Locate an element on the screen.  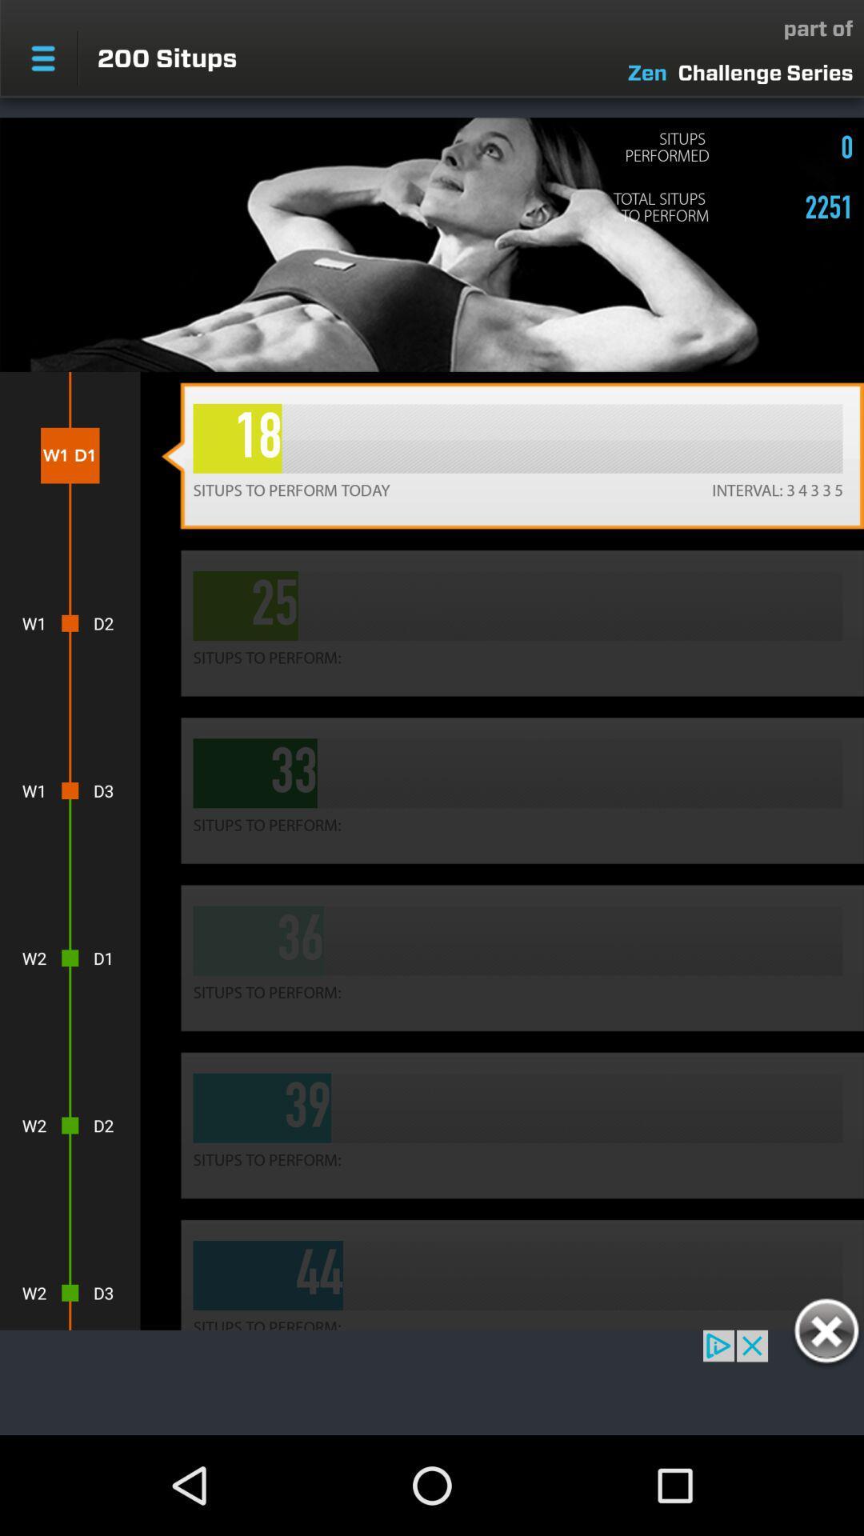
the close icon is located at coordinates (826, 1334).